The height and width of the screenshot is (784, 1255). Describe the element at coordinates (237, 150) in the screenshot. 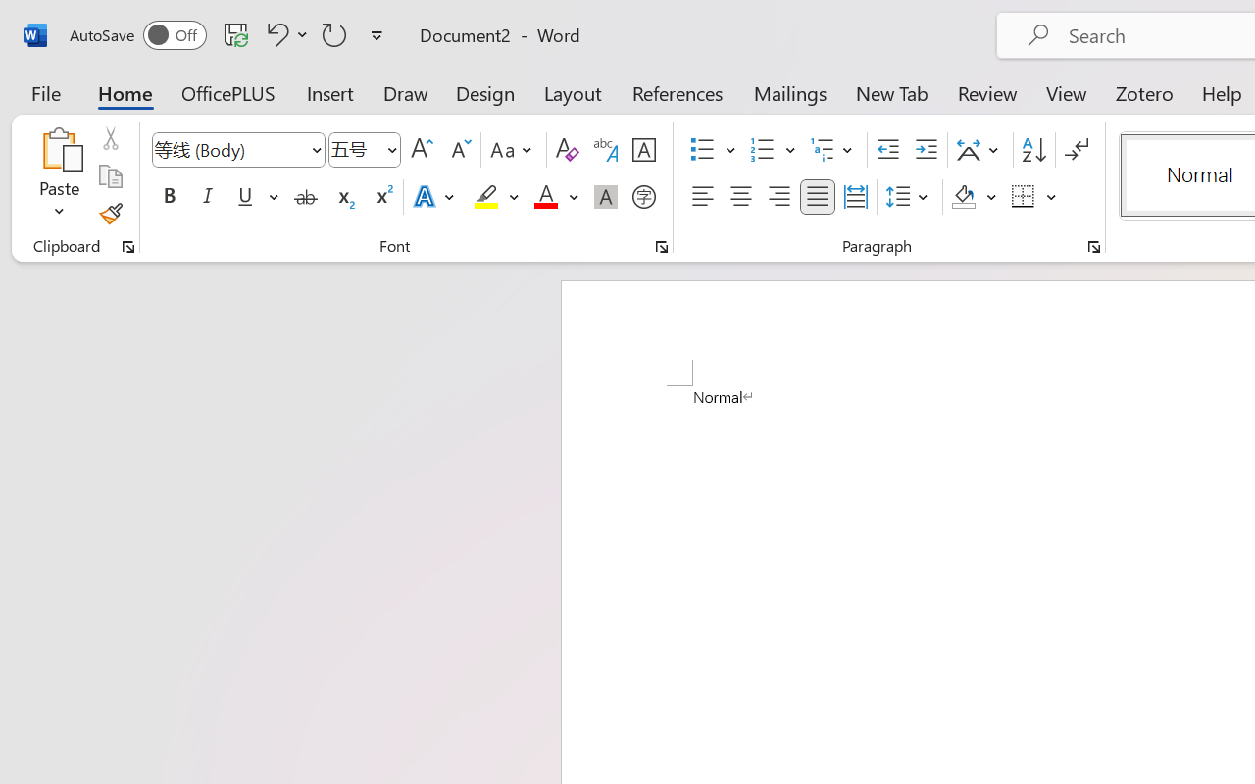

I see `'Font'` at that location.